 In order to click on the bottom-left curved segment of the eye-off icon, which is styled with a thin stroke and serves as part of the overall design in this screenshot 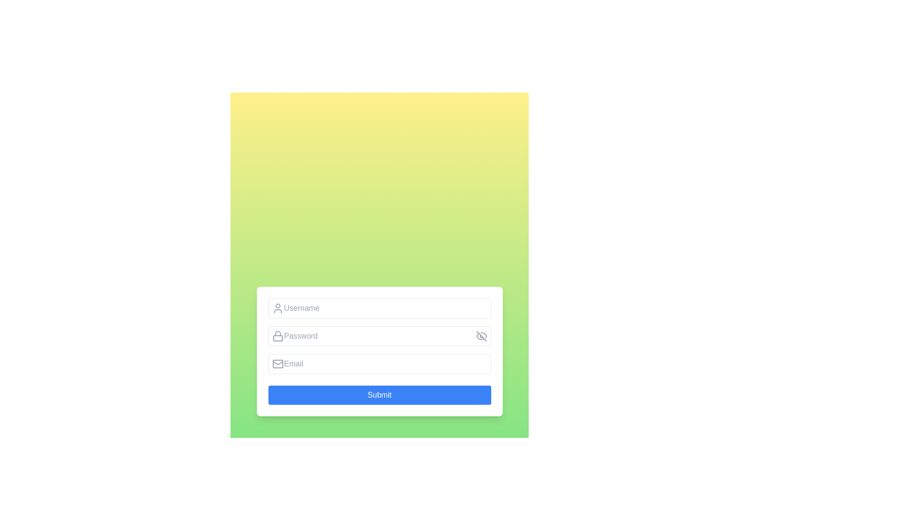, I will do `click(480, 336)`.